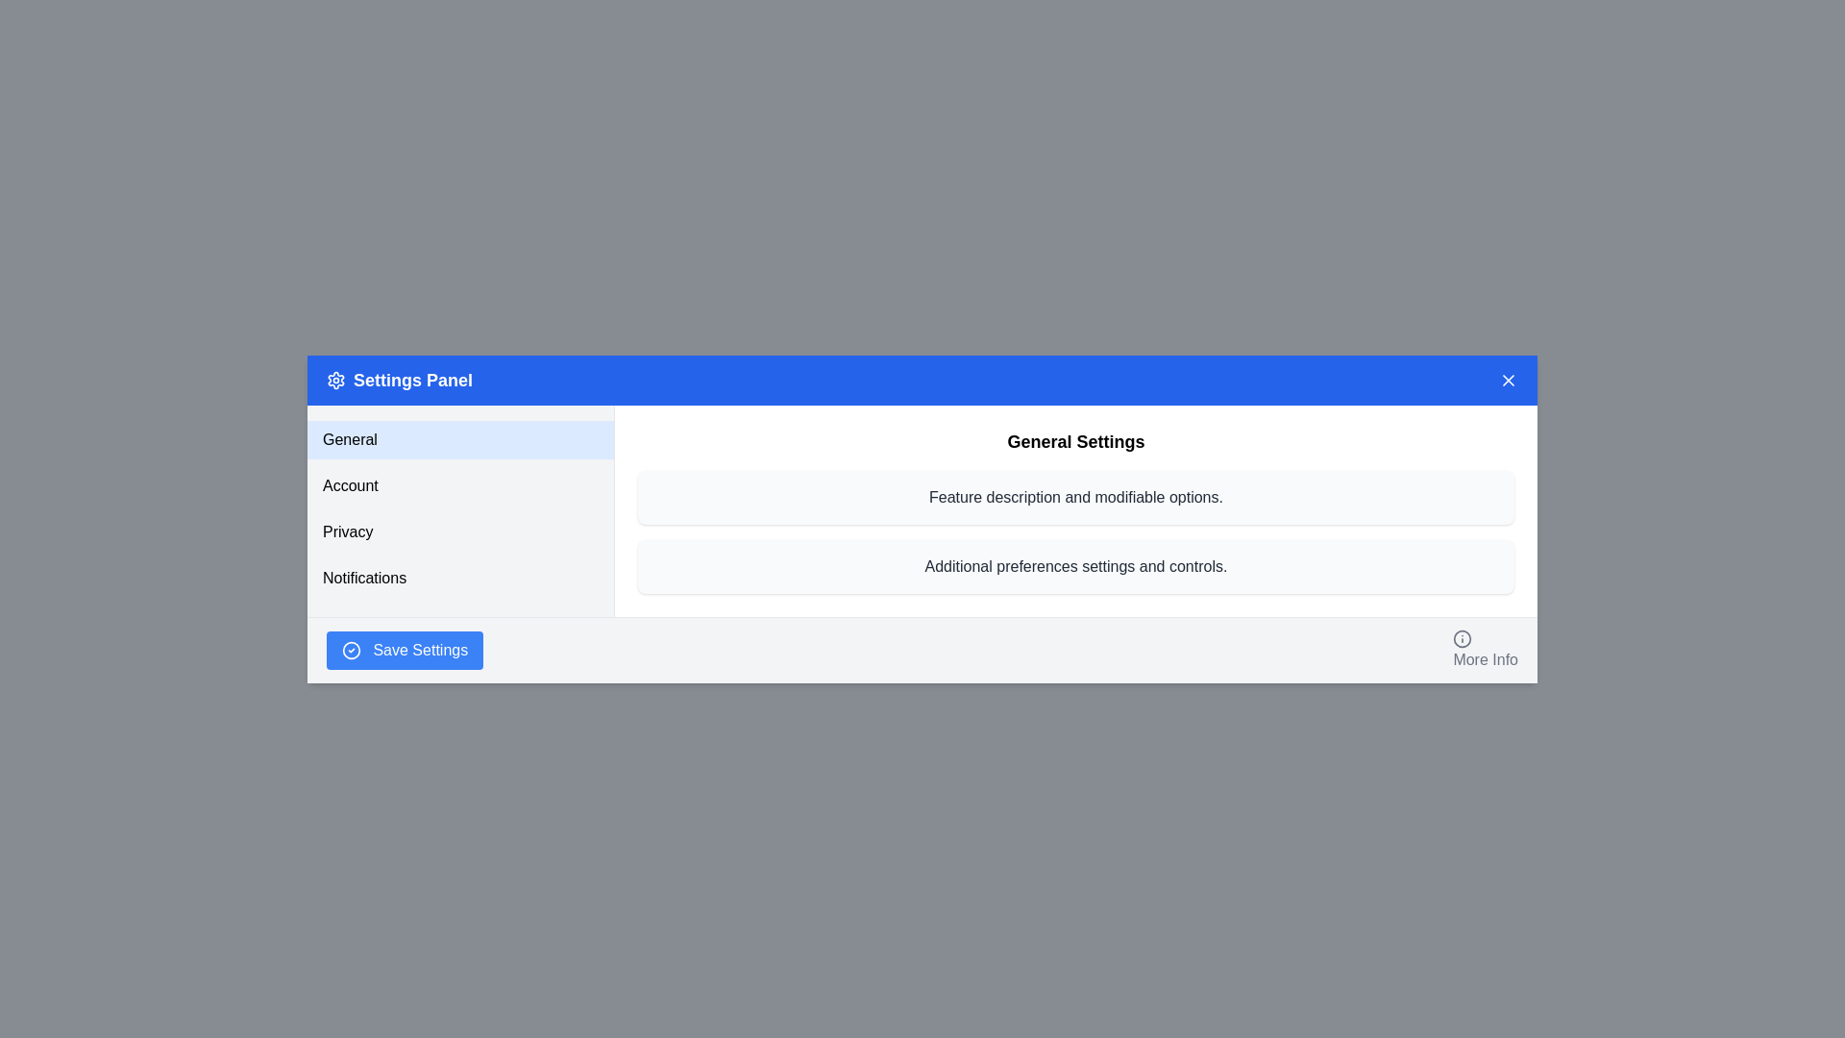 The height and width of the screenshot is (1038, 1845). Describe the element at coordinates (1074, 496) in the screenshot. I see `text displayed in the Informational Block with a light gray background and rounded corners, containing 'Feature description and modifiable options.'` at that location.